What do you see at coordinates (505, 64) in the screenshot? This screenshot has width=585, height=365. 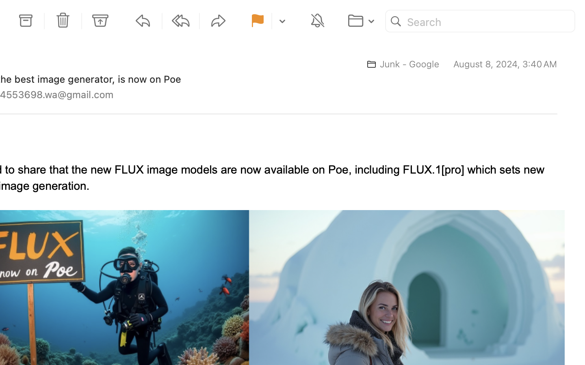 I see `'August 8, 2024, 3:40 AM'` at bounding box center [505, 64].